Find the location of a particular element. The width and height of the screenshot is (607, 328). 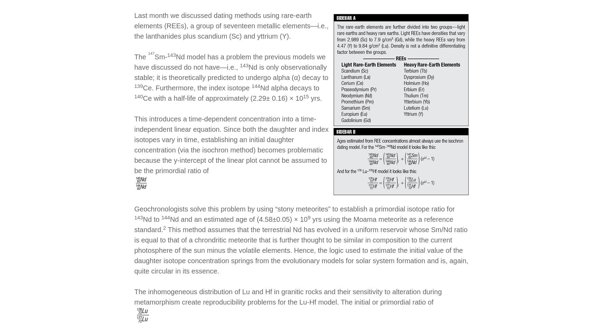

'Nd alpha decays to' is located at coordinates (289, 88).